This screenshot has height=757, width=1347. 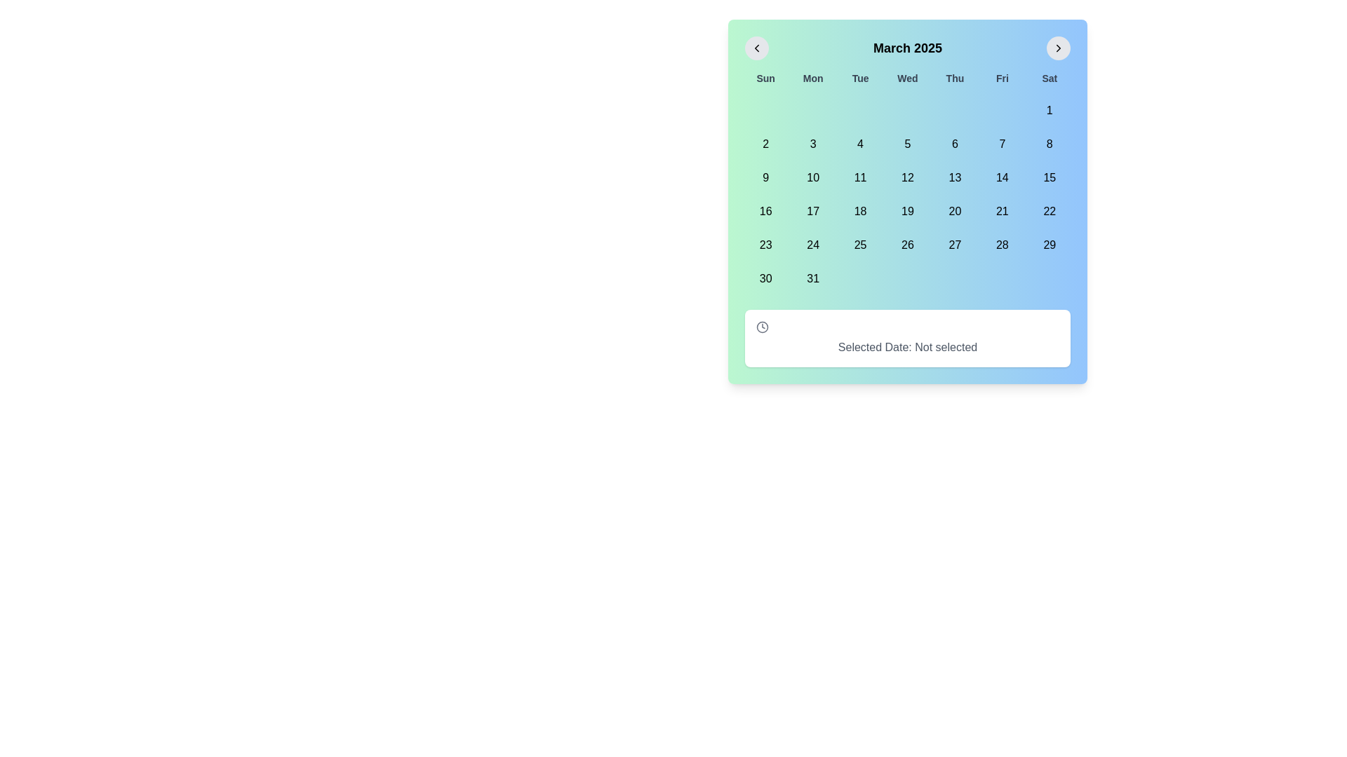 I want to click on the text label displaying 'Sat', which is the last element in a row of day labels in the calendar interface, so click(x=1050, y=78).